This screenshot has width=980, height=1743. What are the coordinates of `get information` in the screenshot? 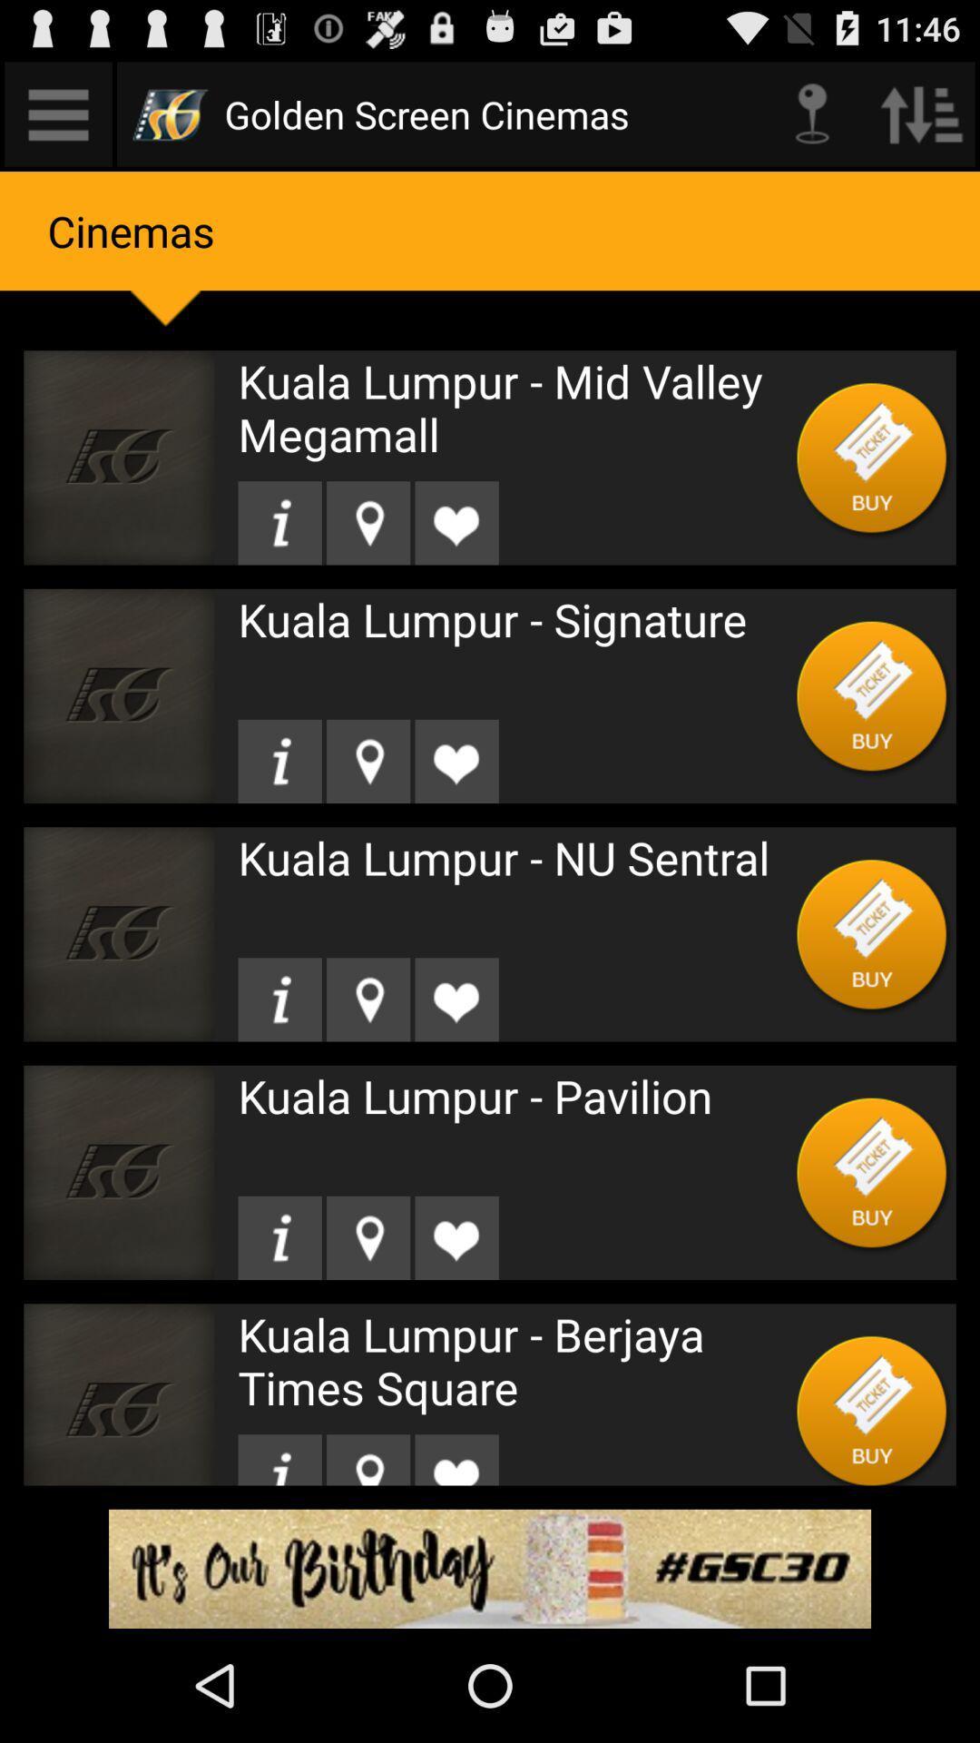 It's located at (279, 1236).